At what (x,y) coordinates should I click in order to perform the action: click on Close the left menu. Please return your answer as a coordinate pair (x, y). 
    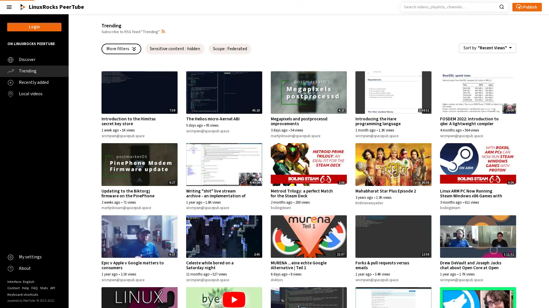
    Looking at the image, I should click on (9, 7).